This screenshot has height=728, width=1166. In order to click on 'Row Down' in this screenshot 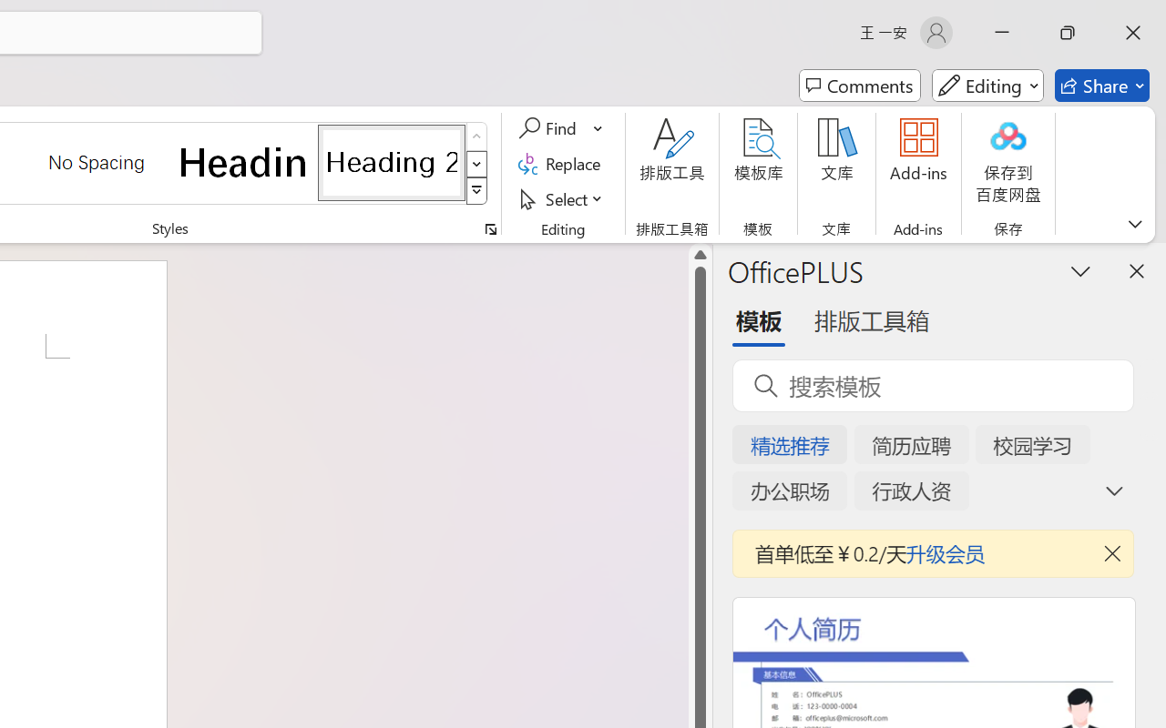, I will do `click(476, 163)`.